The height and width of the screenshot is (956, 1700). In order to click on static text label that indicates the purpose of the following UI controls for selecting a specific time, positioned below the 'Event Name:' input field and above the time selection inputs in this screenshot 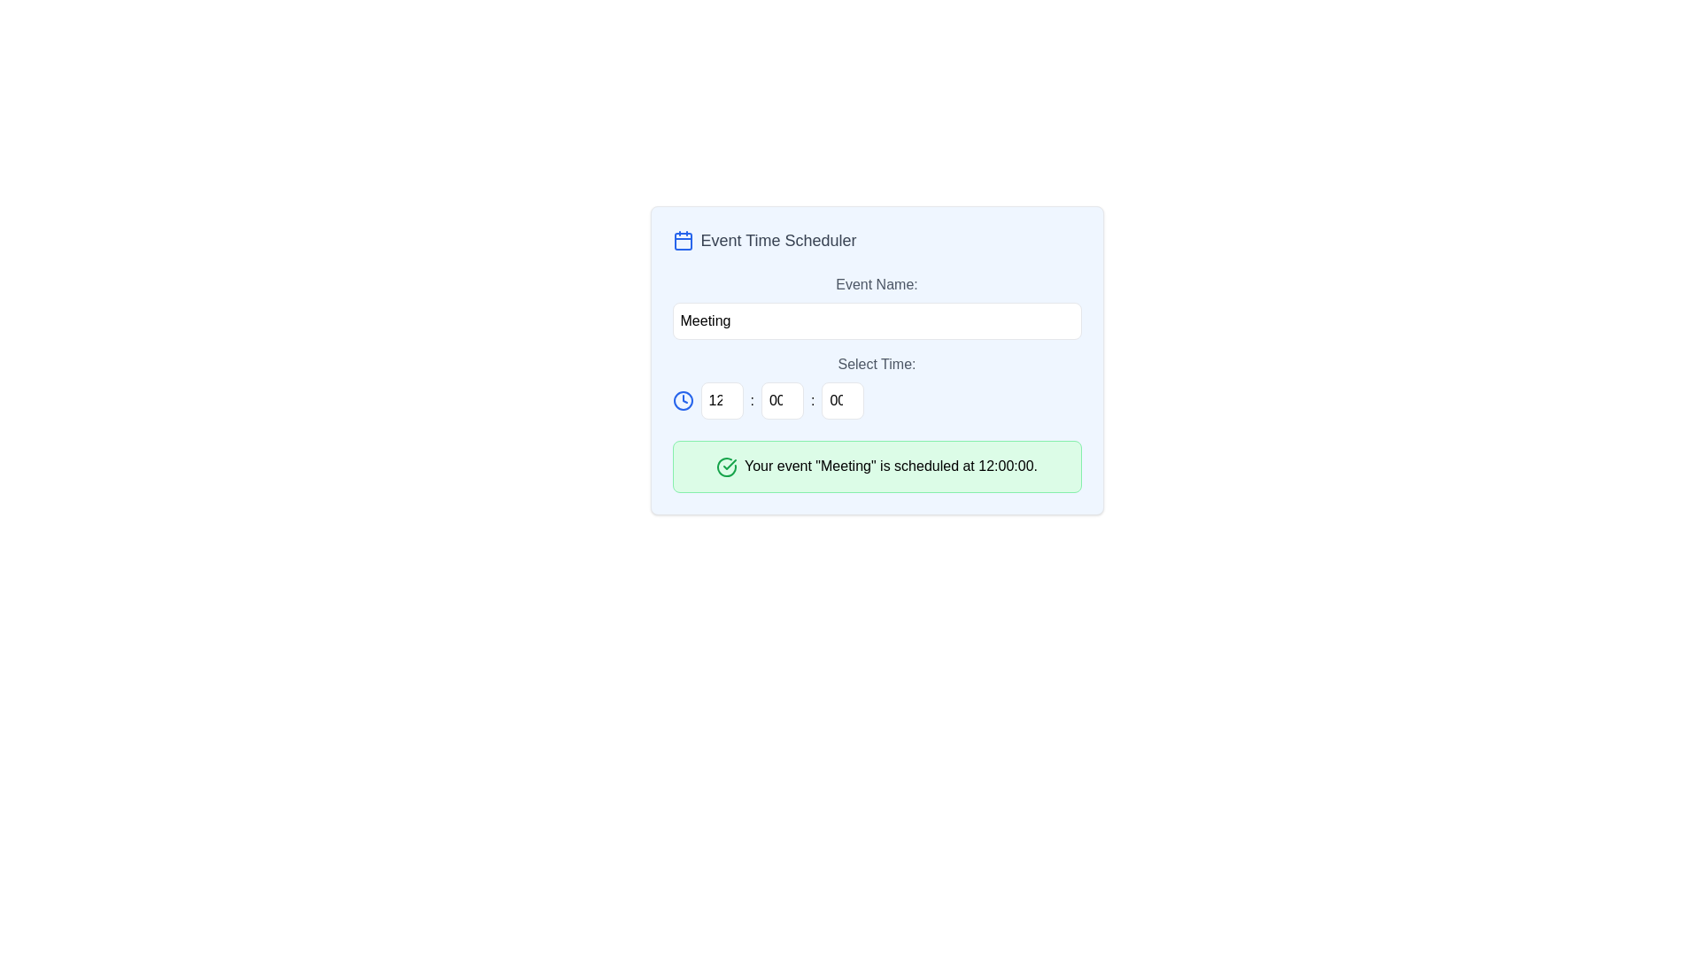, I will do `click(877, 364)`.